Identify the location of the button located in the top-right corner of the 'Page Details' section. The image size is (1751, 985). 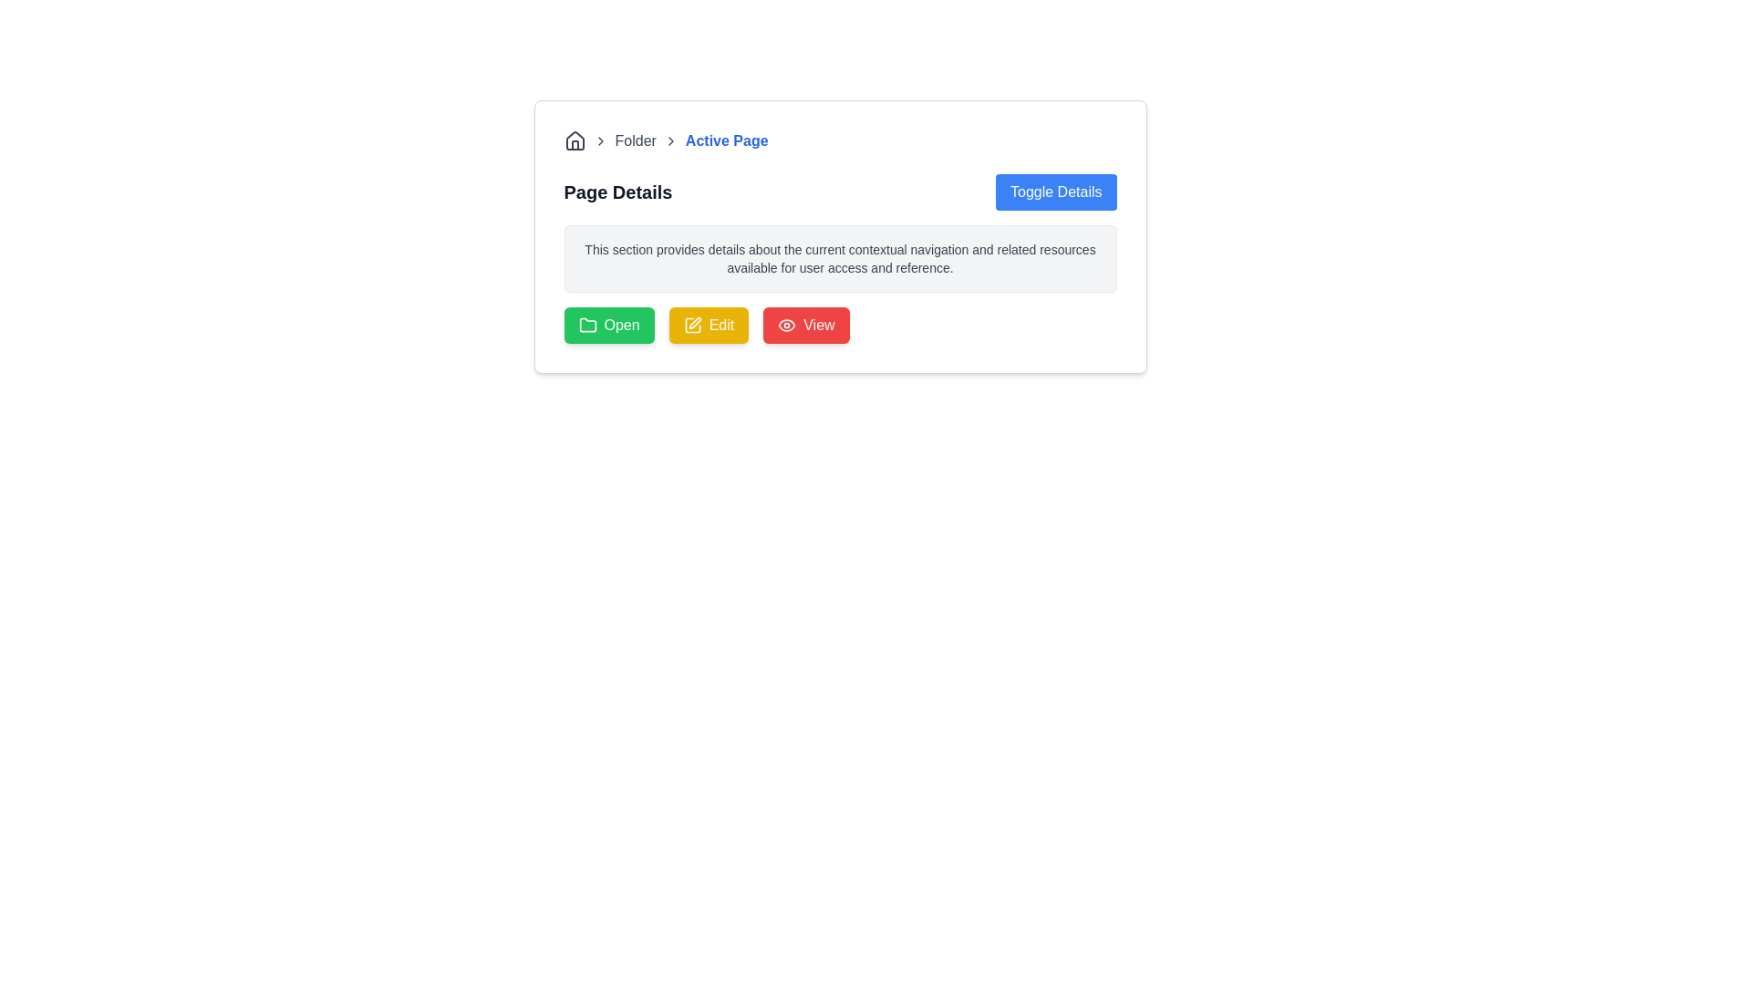
(1056, 192).